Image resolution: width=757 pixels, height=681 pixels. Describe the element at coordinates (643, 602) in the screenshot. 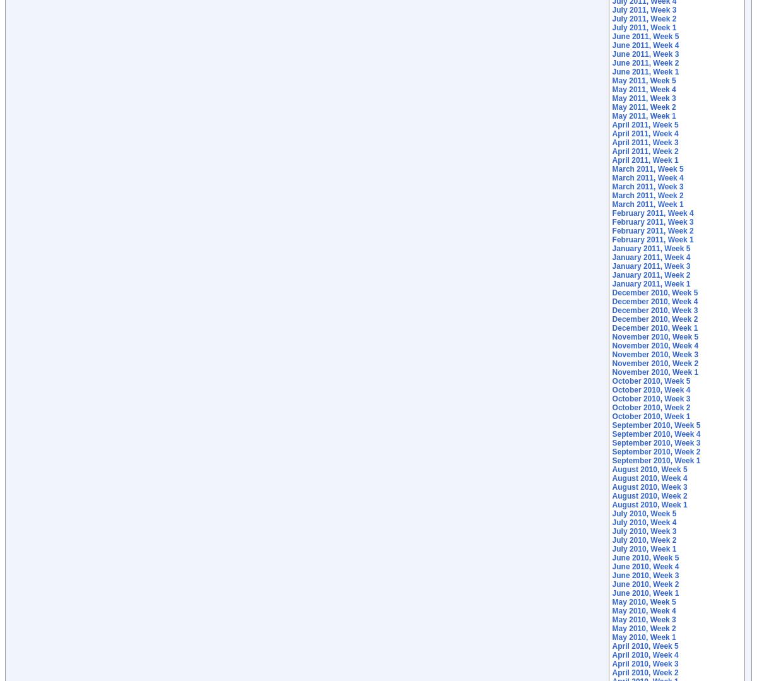

I see `'May 2010, Week 5'` at that location.